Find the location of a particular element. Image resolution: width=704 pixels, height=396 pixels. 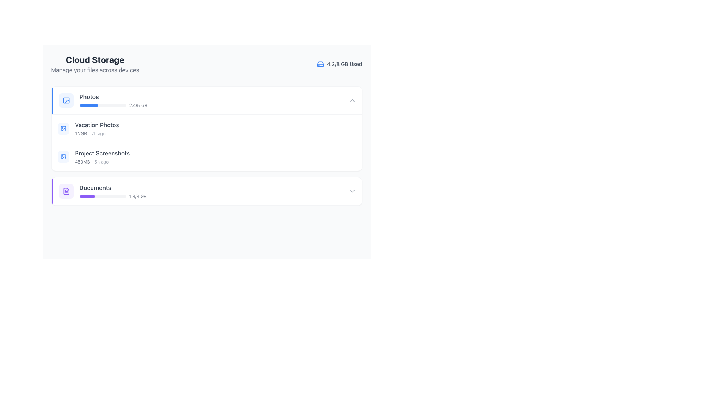

the SVG-based image icon representing the 'Photos' section, which is located at the top-left of the 'Photos' list item is located at coordinates (66, 100).